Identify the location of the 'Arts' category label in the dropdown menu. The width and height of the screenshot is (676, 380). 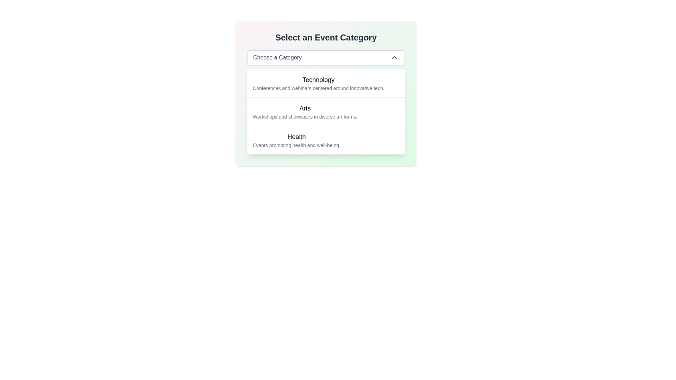
(305, 111).